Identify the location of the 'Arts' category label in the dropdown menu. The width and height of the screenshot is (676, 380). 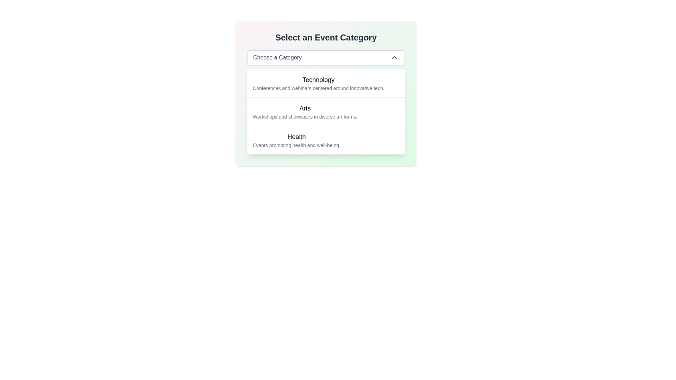
(305, 111).